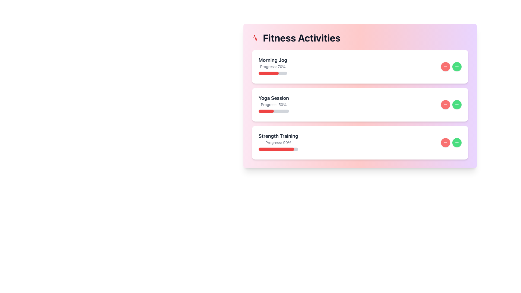 The image size is (521, 293). What do you see at coordinates (273, 73) in the screenshot?
I see `the horizontal progress bar located in the 'Morning Jog' section, which is filled with red and indicates 70% progress` at bounding box center [273, 73].